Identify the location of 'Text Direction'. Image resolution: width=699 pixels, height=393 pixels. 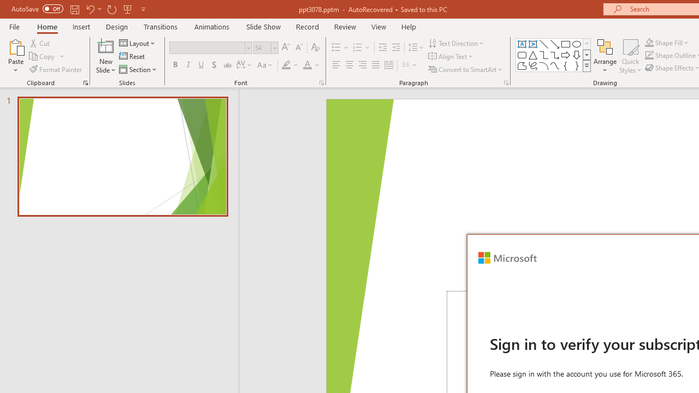
(457, 43).